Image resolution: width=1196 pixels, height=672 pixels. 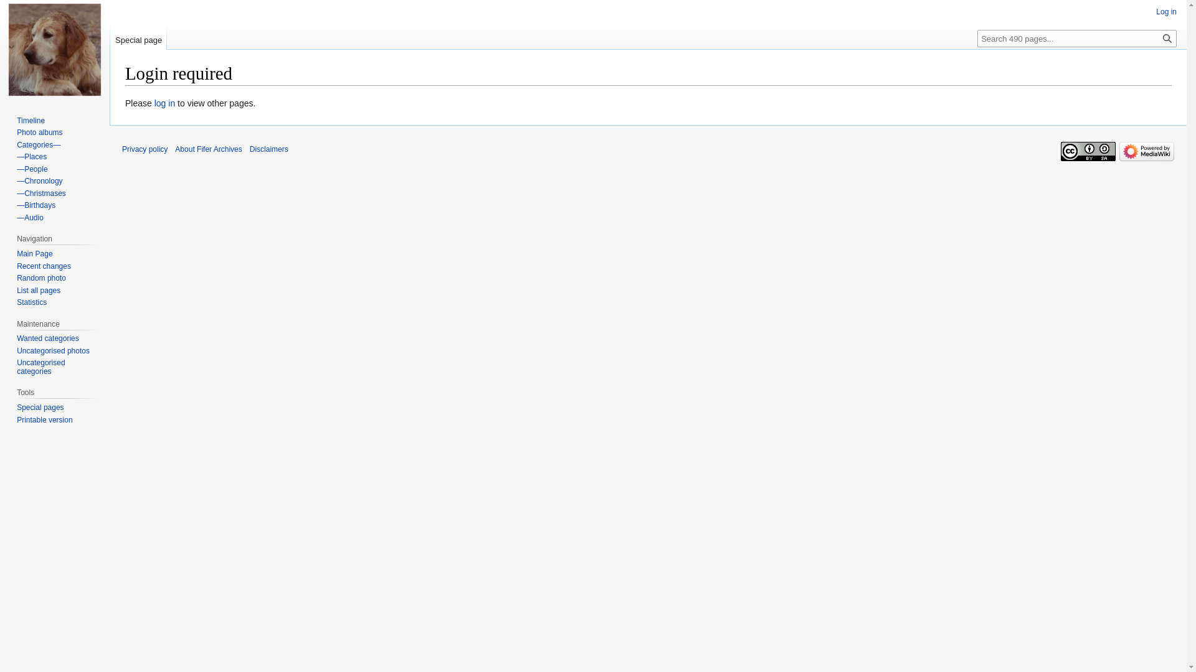 I want to click on 'Photo albums', so click(x=39, y=132).